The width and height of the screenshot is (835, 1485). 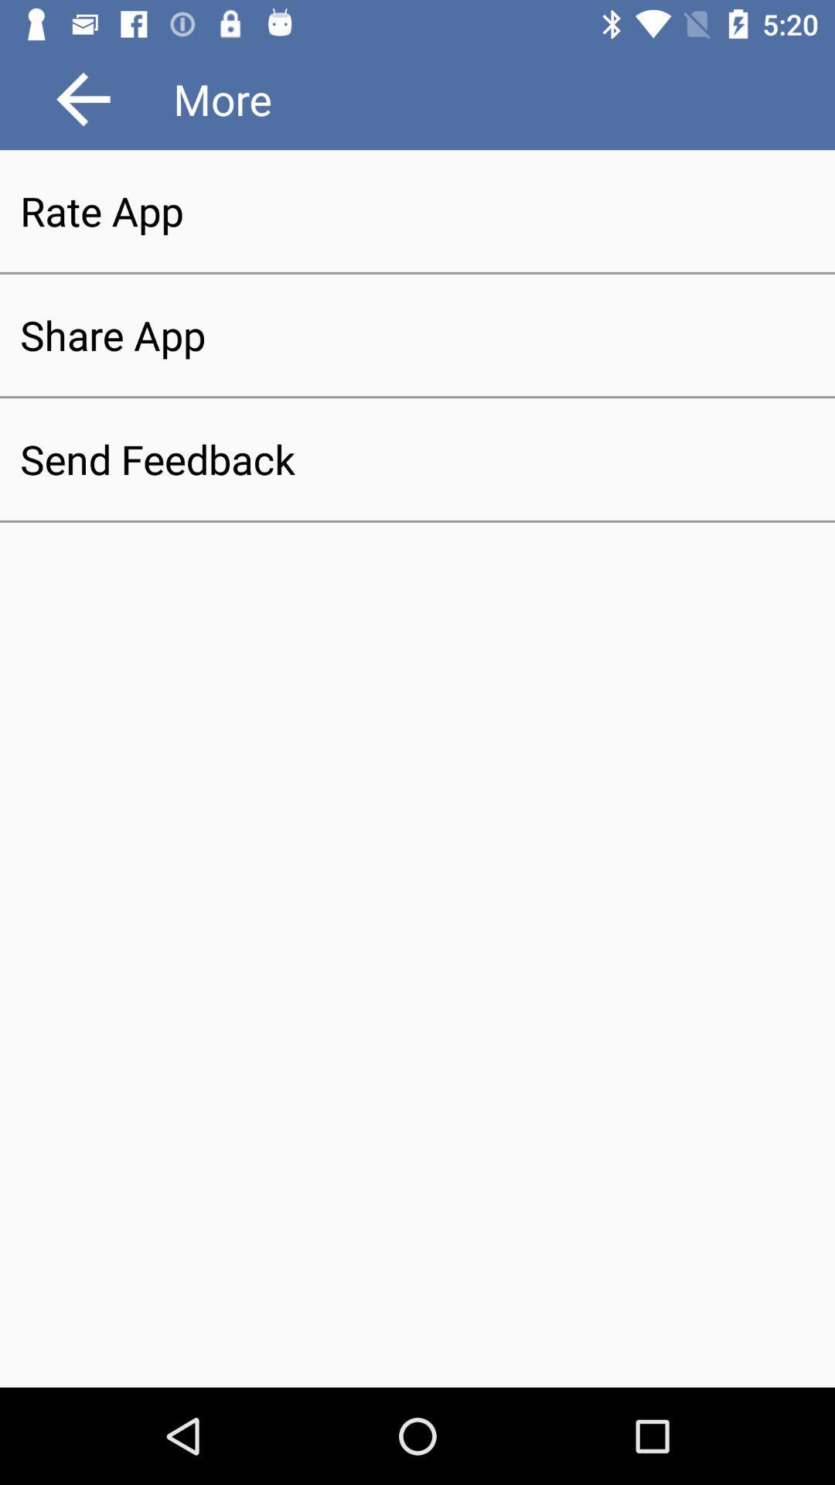 I want to click on share app item, so click(x=417, y=334).